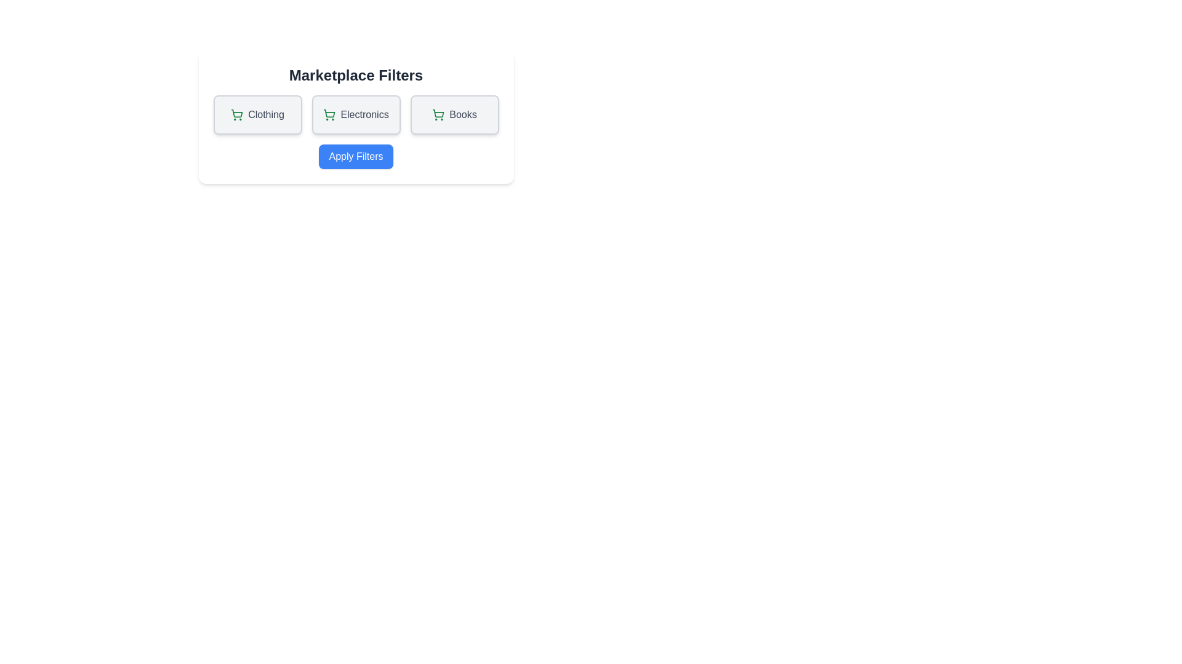  I want to click on 'Apply Filters' button to apply the selected filters, so click(355, 156).